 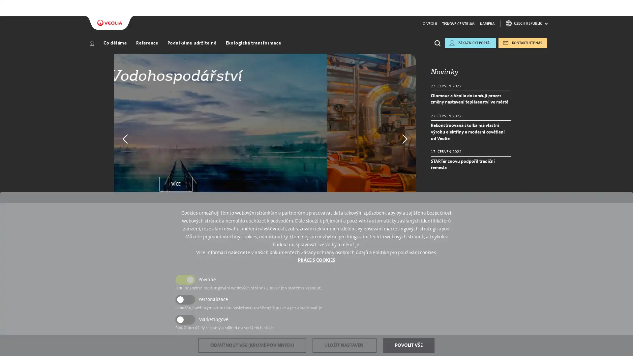 I want to click on Next, so click(x=406, y=124).